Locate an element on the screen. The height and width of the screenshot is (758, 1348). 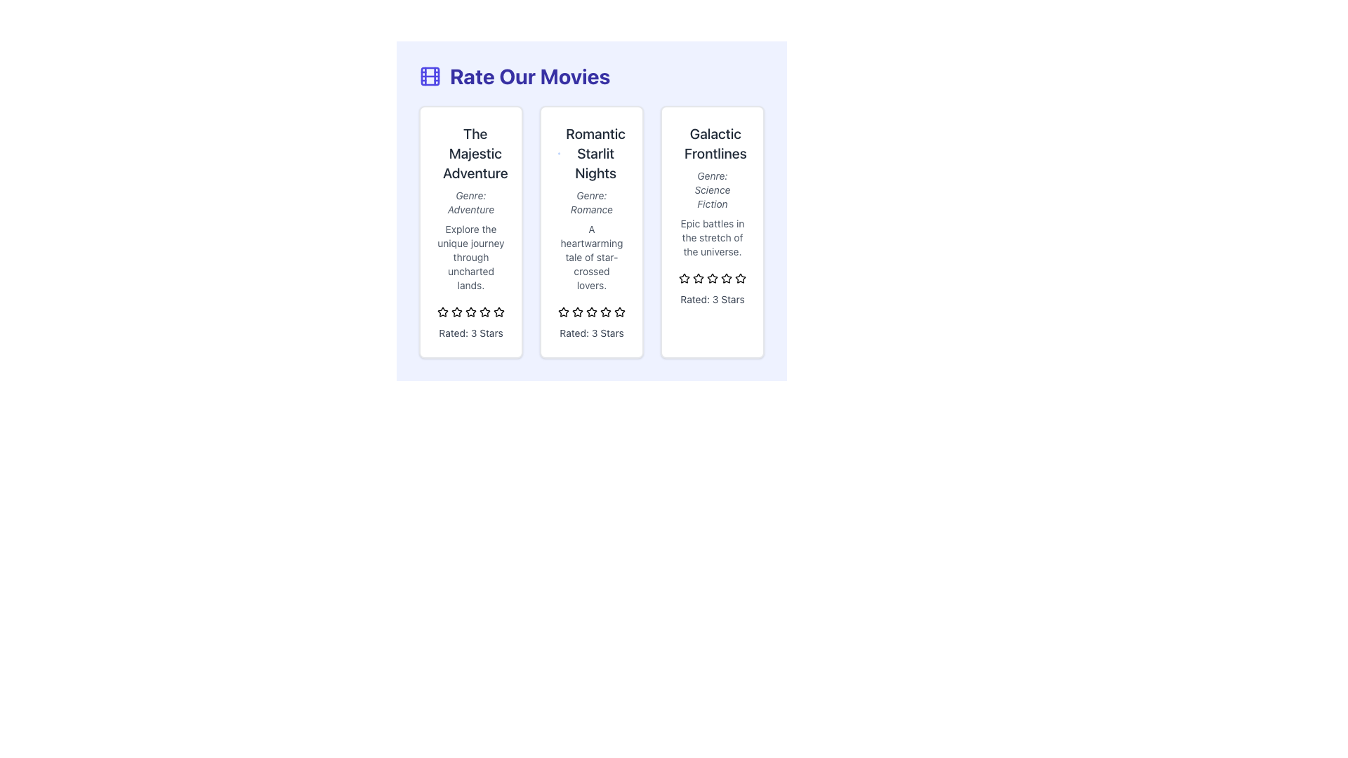
the sixth unselected rating star for the movie 'Romantic Starlit Nights', which is styled in gray and part of a horizontal rating system is located at coordinates (606, 311).